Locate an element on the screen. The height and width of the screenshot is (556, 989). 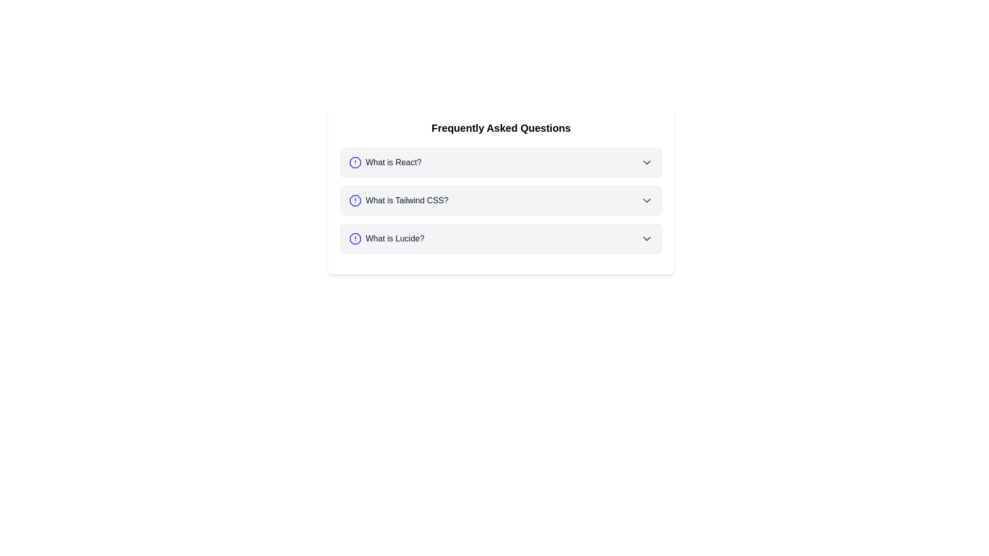
the 'What is React?' Label with Icon, which features bold dark gray text and a blue exclamation mark icon is located at coordinates (385, 162).